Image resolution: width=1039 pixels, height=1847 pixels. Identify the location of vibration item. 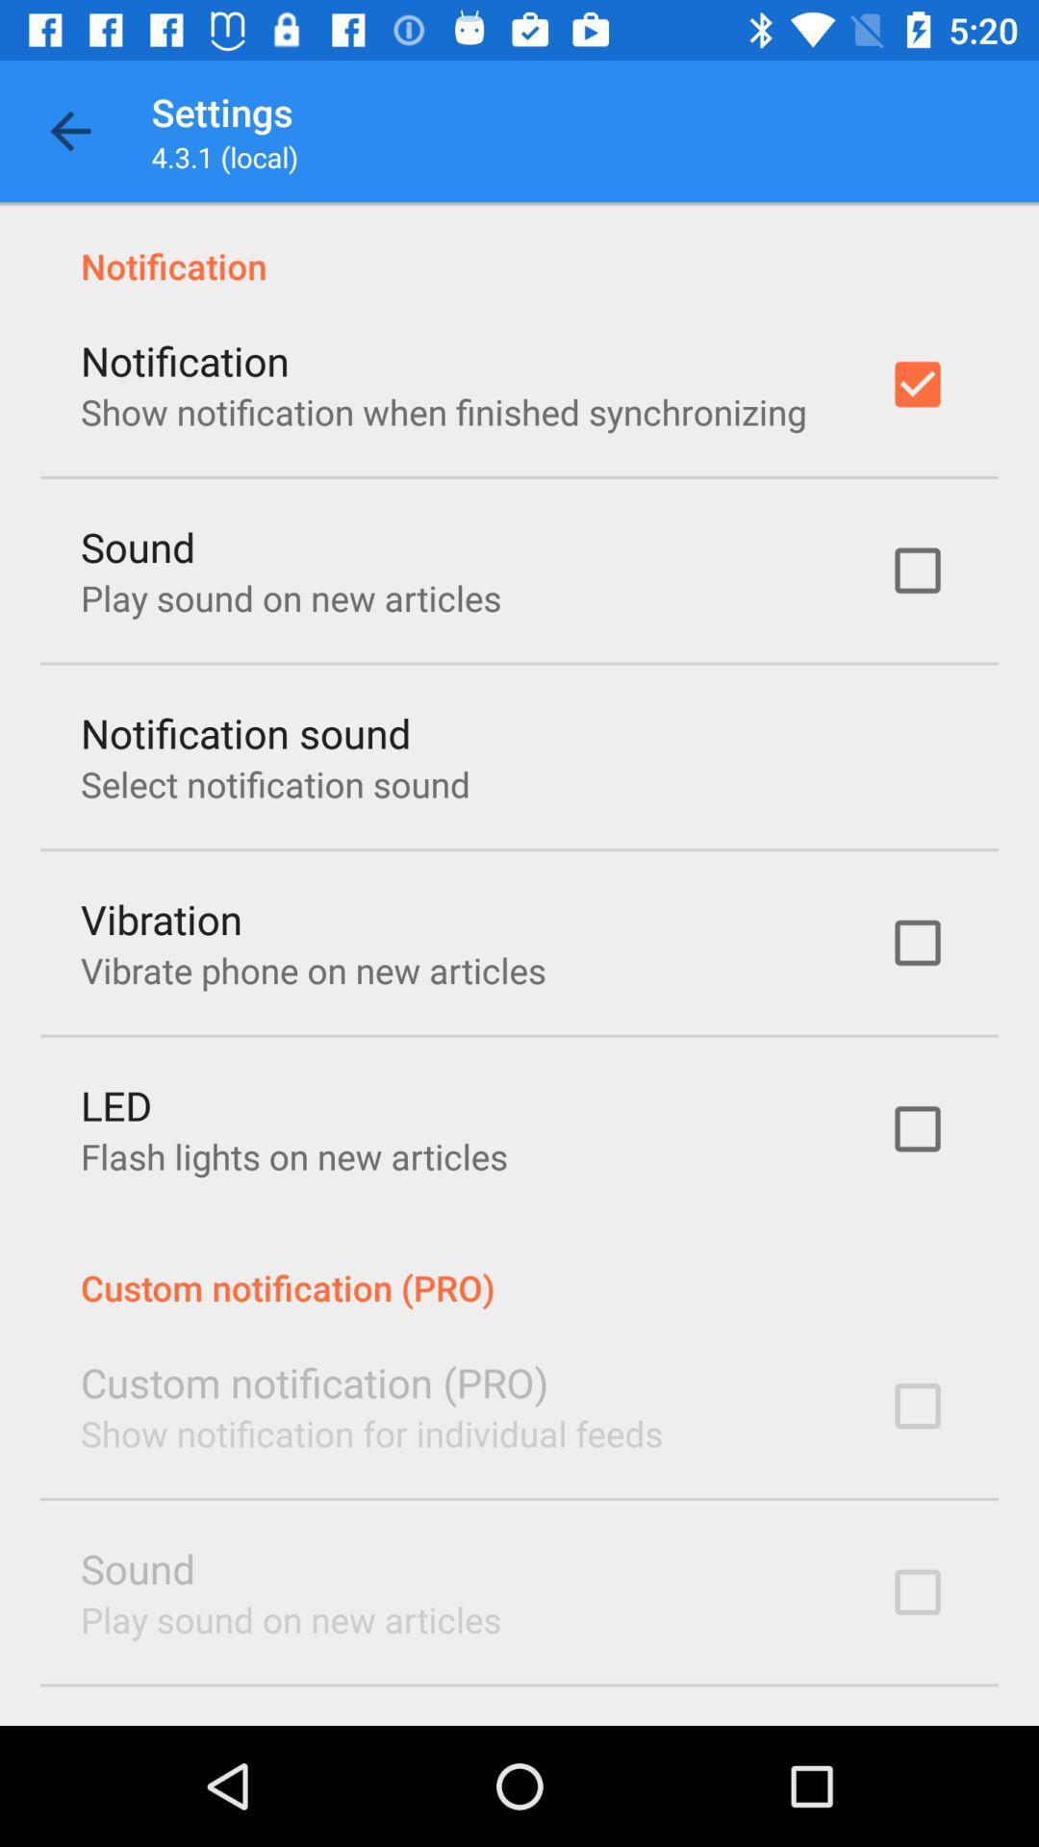
(161, 918).